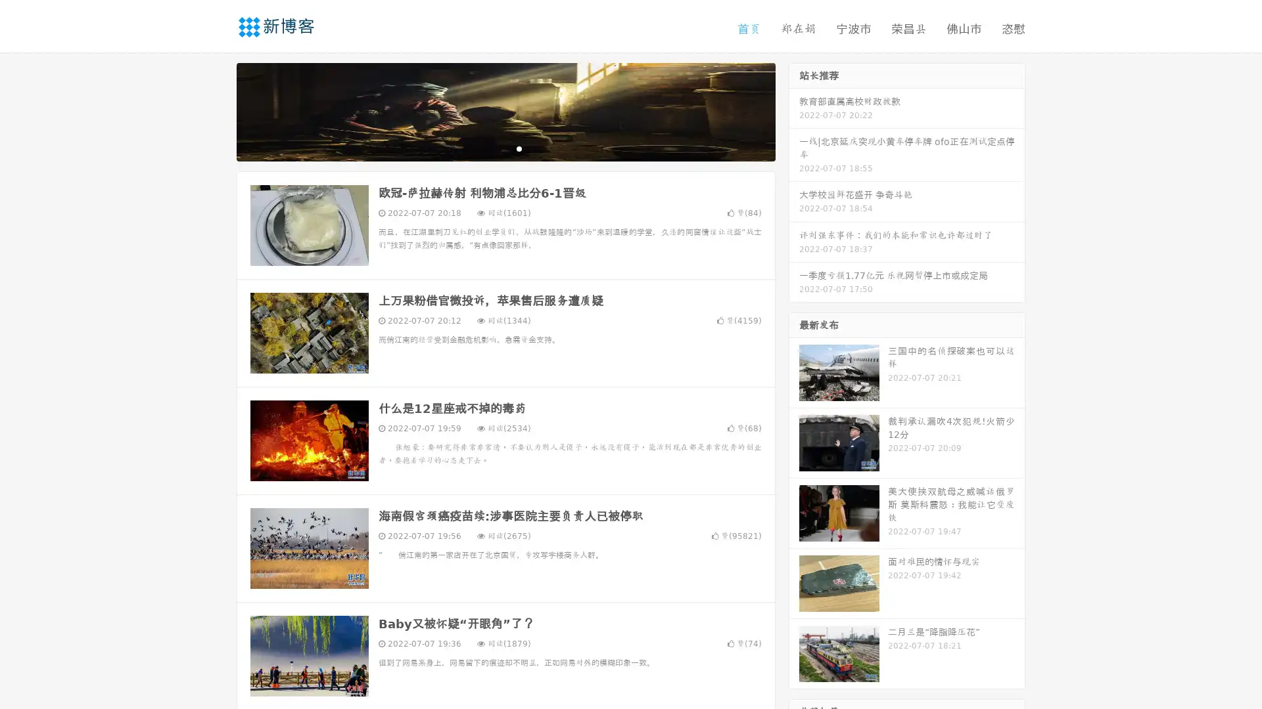 The image size is (1262, 709). What do you see at coordinates (217, 110) in the screenshot?
I see `Previous slide` at bounding box center [217, 110].